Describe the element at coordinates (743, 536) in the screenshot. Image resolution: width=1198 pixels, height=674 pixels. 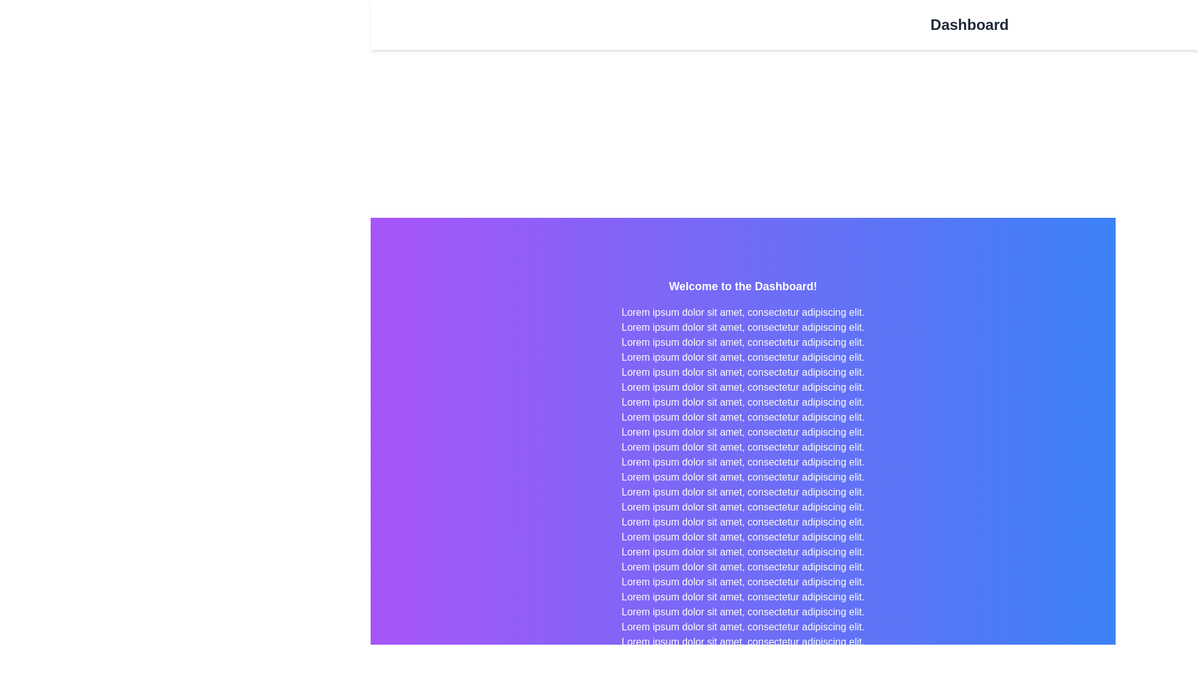
I see `the 17th line of white static text reading 'Lorem ipsum dolor sit amet, consectetur adipiscing elit.' within a gradient background transitioning from blue to purple, located under the heading 'Welcome to the Dashboard!'` at that location.